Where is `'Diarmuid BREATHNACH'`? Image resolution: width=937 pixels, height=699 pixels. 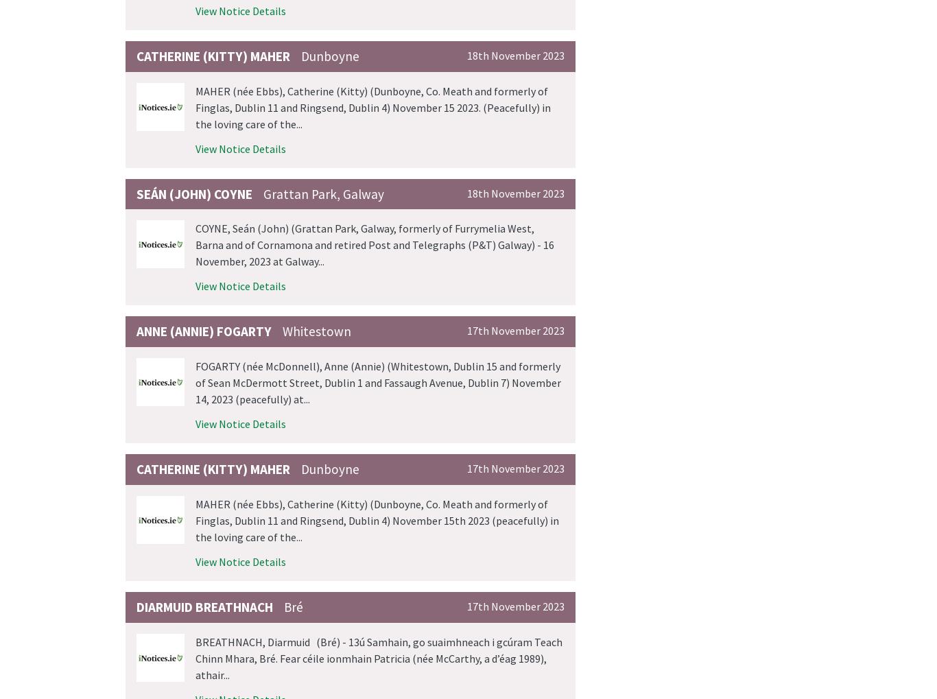
'Diarmuid BREATHNACH' is located at coordinates (136, 607).